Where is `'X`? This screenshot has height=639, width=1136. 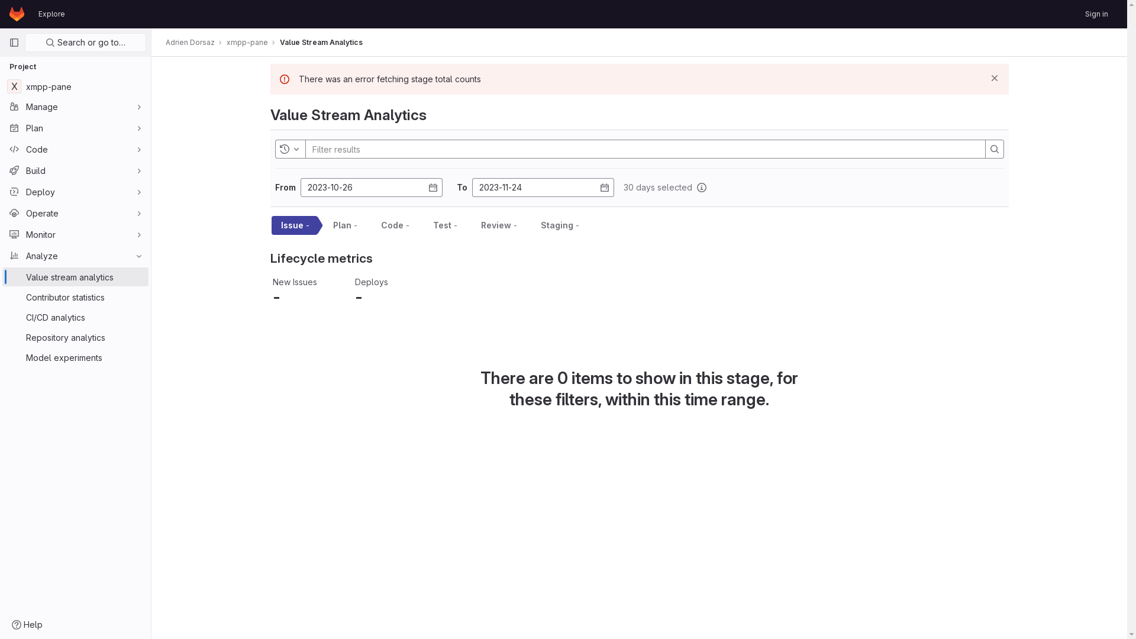
'X is located at coordinates (2, 86).